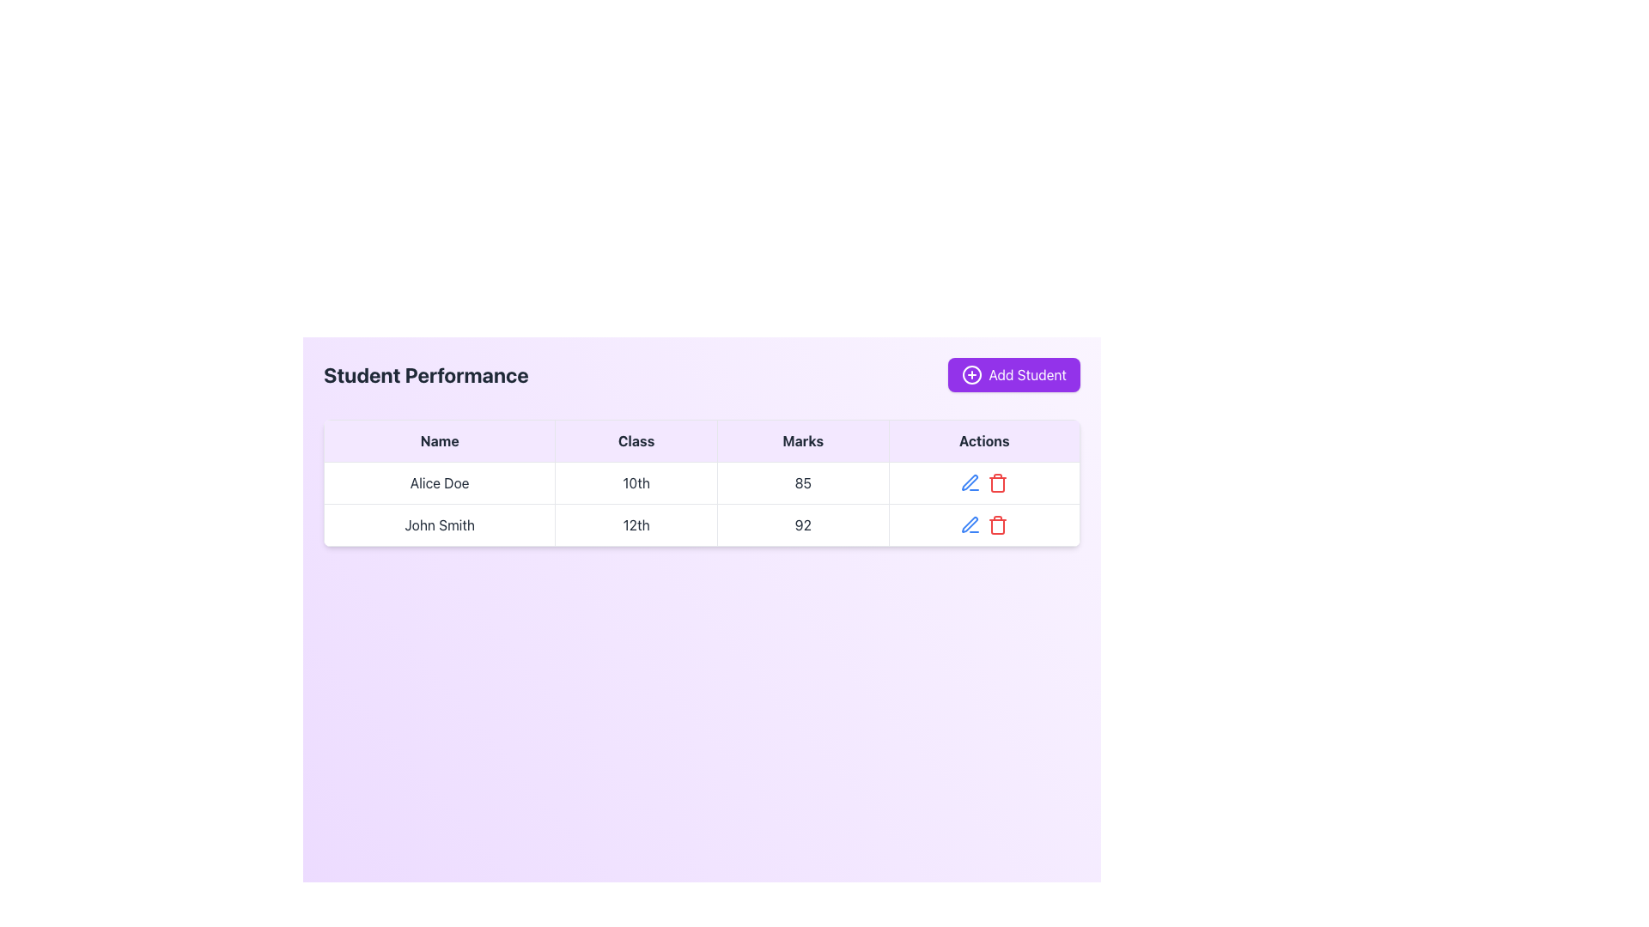 The width and height of the screenshot is (1649, 927). I want to click on the table cell content displaying 'Alice Doe', which is located in the first column of the first data row of the table, so click(440, 483).